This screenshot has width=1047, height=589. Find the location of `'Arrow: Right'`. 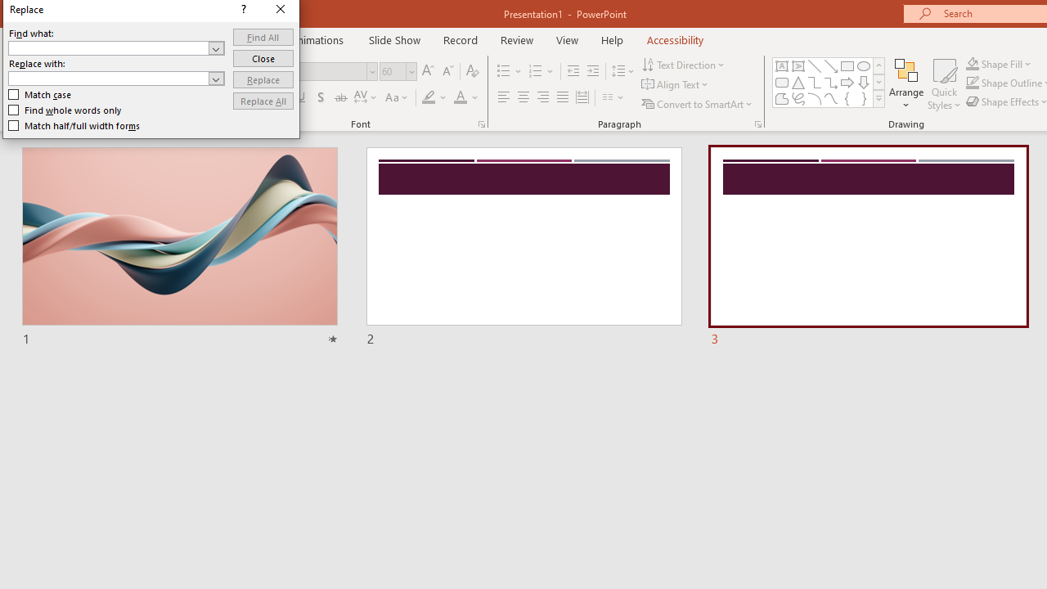

'Arrow: Right' is located at coordinates (847, 82).